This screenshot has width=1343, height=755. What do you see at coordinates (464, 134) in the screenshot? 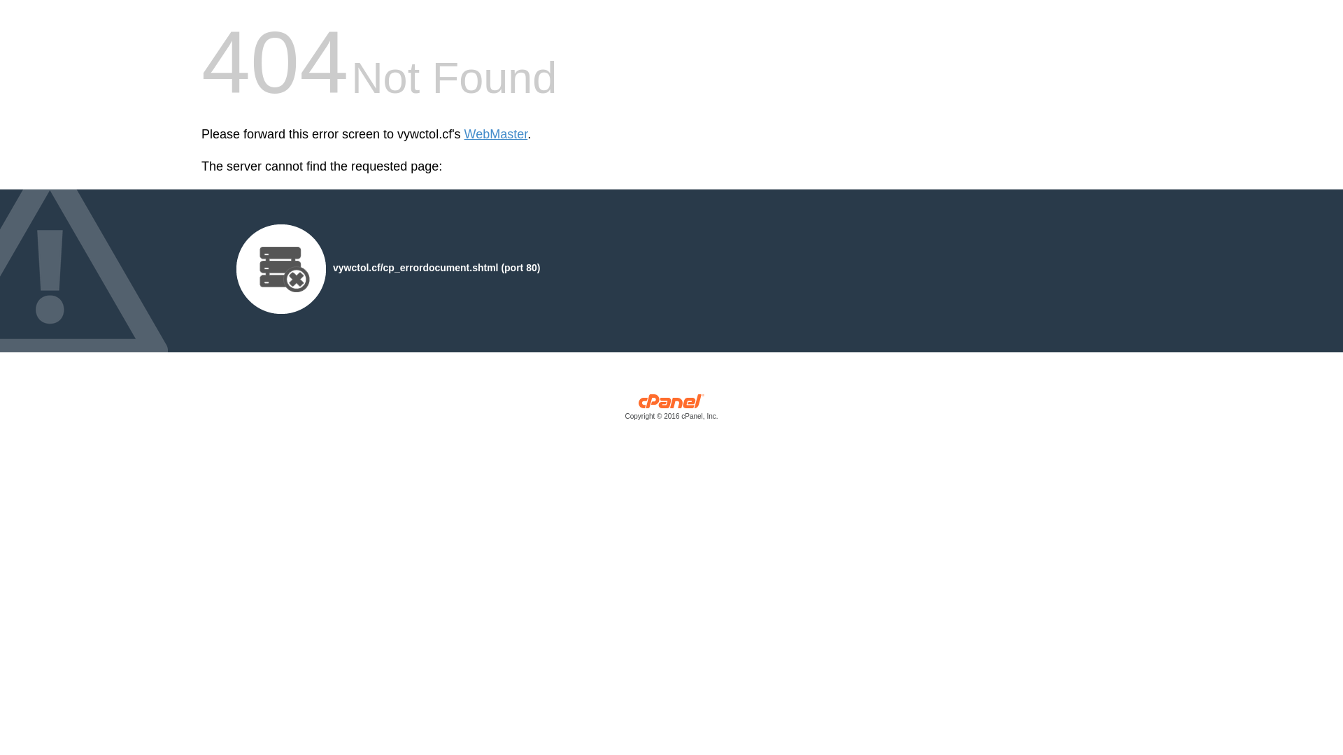
I see `'WebMaster'` at bounding box center [464, 134].